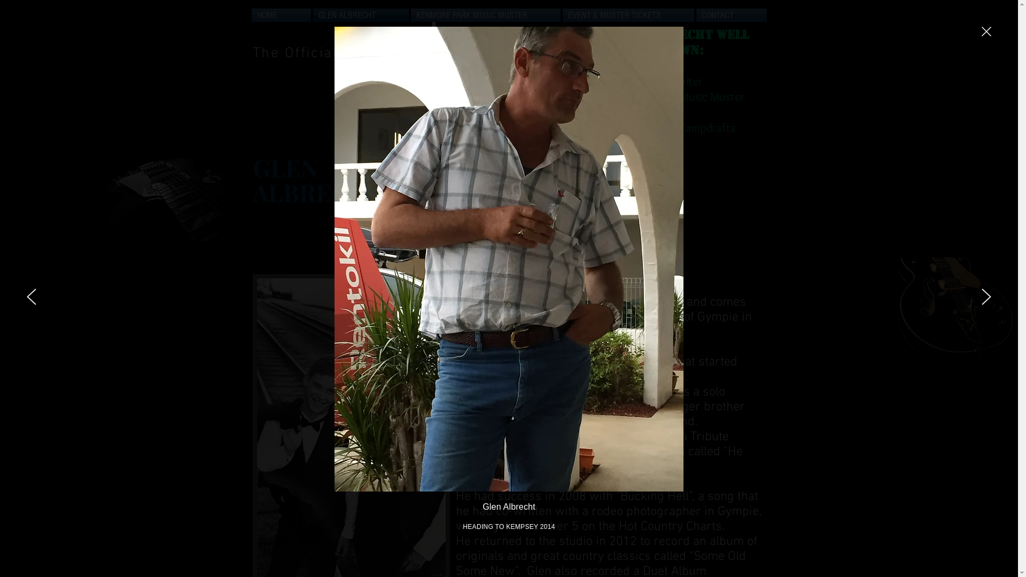 This screenshot has height=577, width=1026. What do you see at coordinates (281, 15) in the screenshot?
I see `'HOME'` at bounding box center [281, 15].